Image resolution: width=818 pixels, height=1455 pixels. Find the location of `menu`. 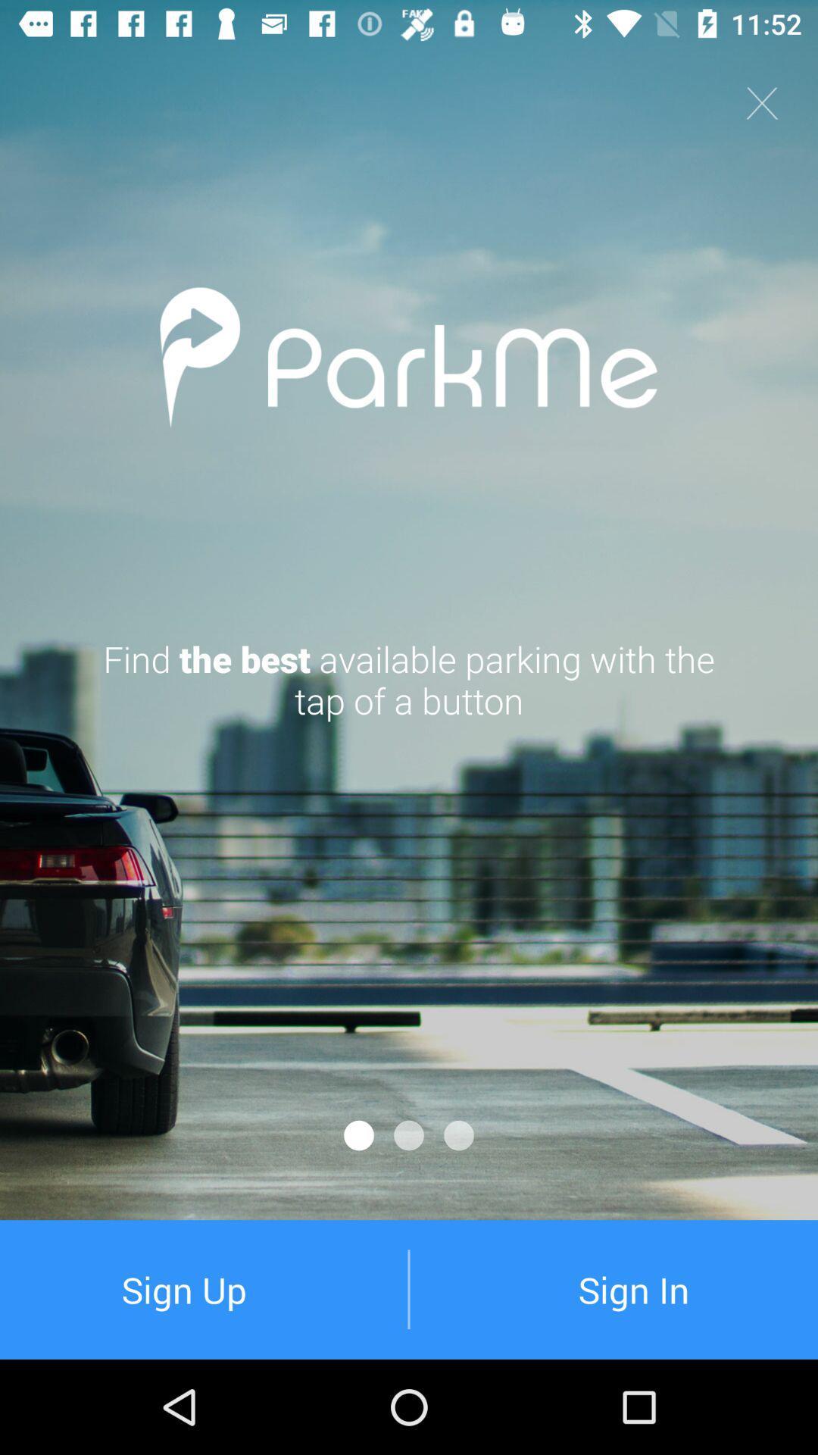

menu is located at coordinates (762, 102).